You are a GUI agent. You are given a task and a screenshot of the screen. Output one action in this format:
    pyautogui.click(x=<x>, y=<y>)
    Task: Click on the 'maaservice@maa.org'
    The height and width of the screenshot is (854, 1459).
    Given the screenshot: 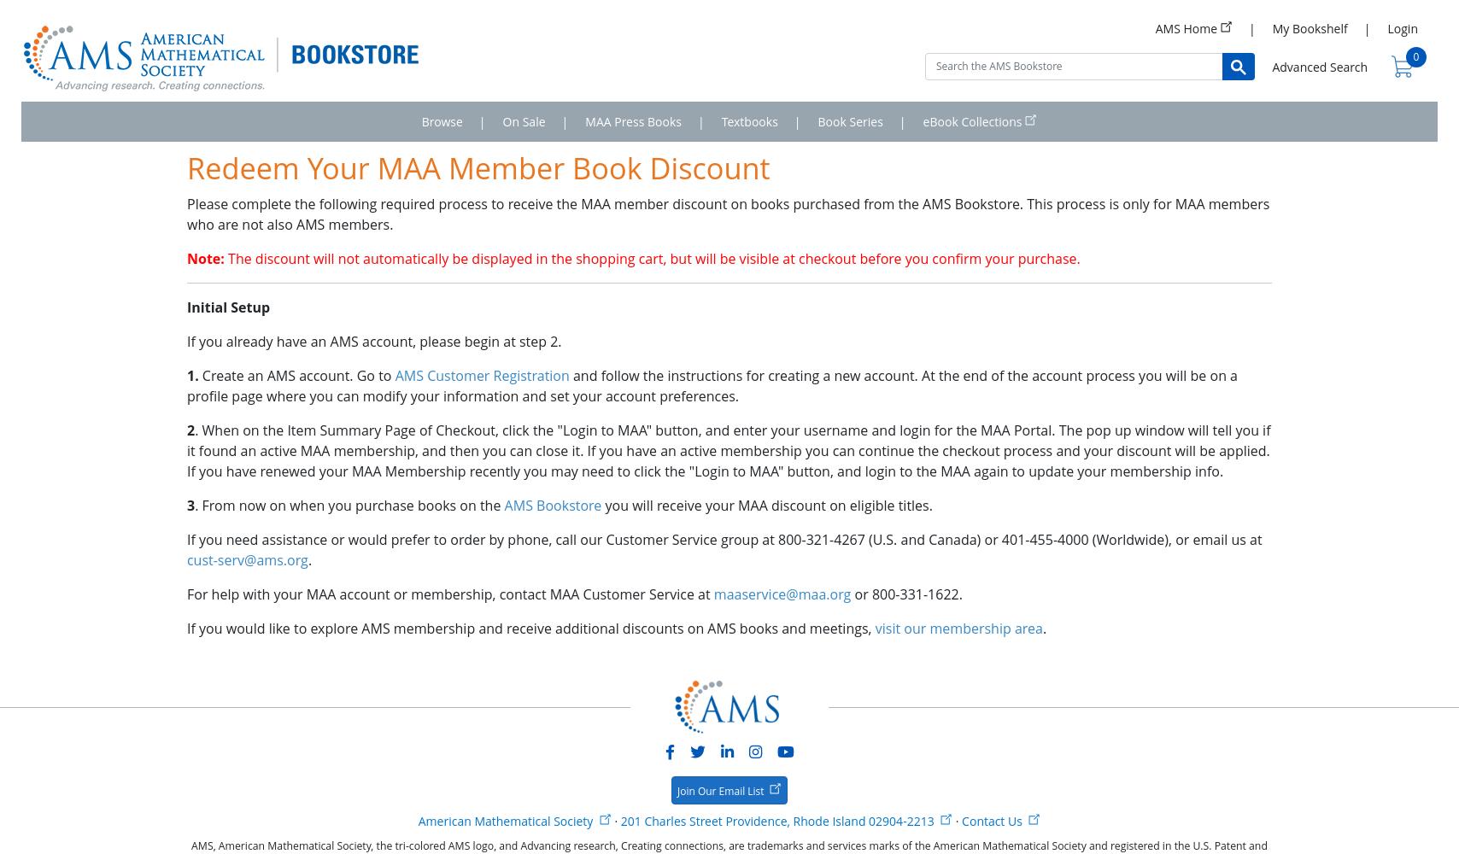 What is the action you would take?
    pyautogui.click(x=713, y=594)
    